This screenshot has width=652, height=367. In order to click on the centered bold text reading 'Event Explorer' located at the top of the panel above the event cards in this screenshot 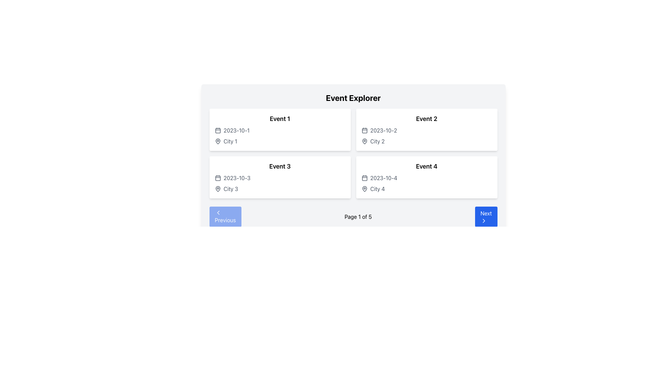, I will do `click(353, 98)`.